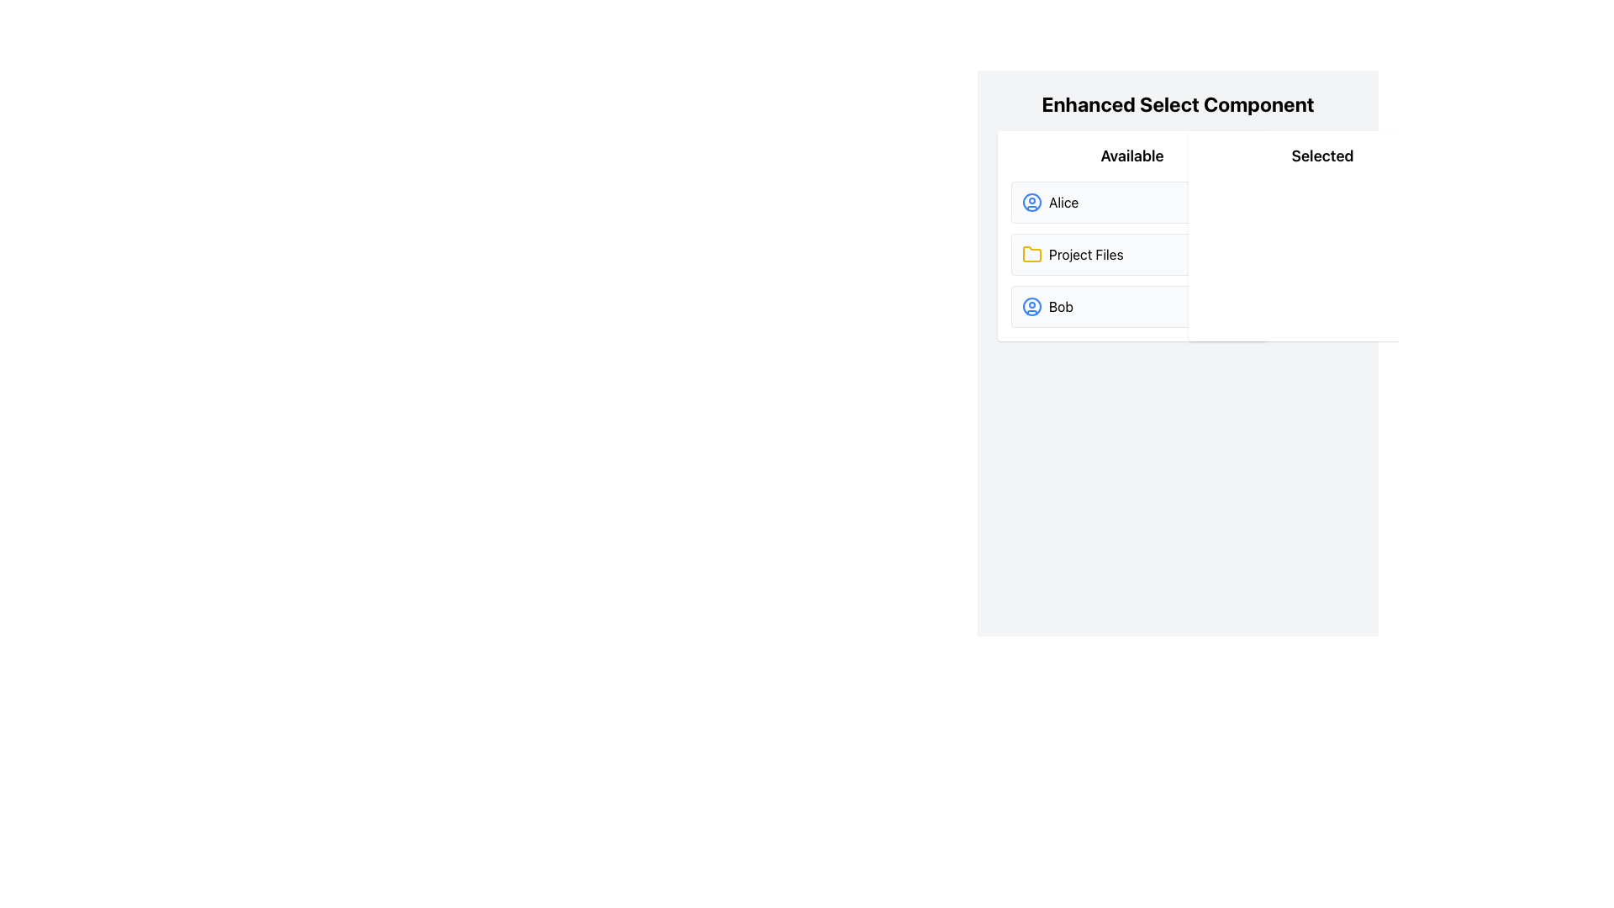 The width and height of the screenshot is (1614, 908). What do you see at coordinates (1063, 201) in the screenshot?
I see `text label displaying 'Alice' located in the top entry of the list under the 'Available' column in the 'Enhanced Select Component' interface, adjacent to a circular user icon with a blue outline` at bounding box center [1063, 201].